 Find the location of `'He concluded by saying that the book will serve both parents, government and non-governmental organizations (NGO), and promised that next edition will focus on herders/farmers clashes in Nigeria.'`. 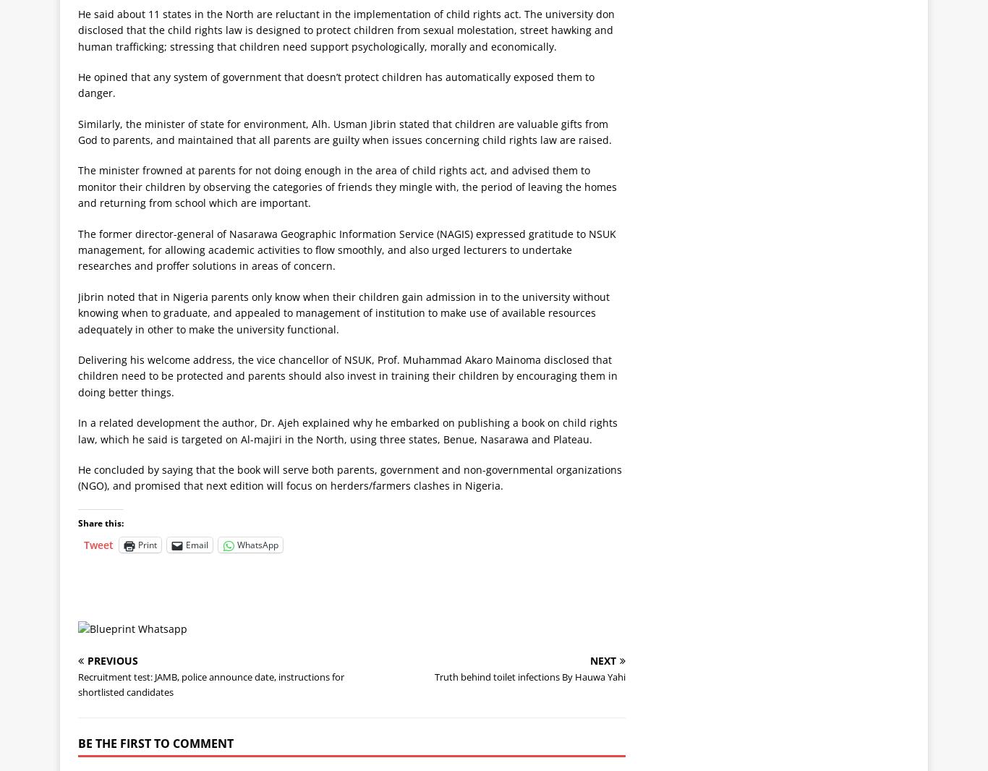

'He concluded by saying that the book will serve both parents, government and non-governmental organizations (NGO), and promised that next edition will focus on herders/farmers clashes in Nigeria.' is located at coordinates (349, 476).